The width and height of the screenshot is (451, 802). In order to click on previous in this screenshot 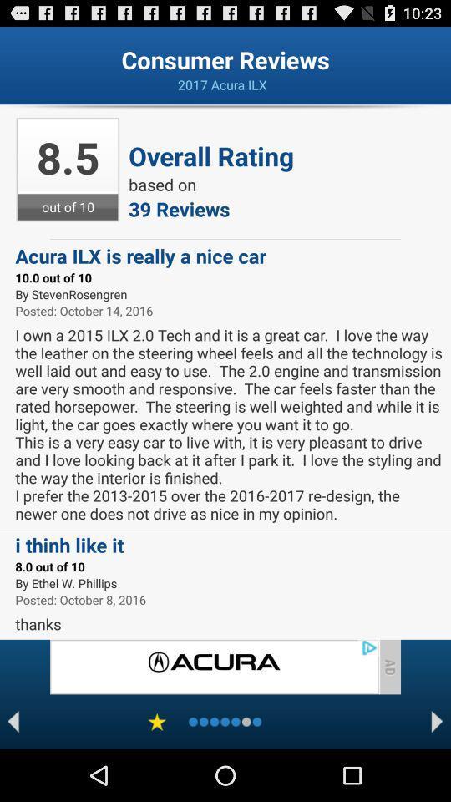, I will do `click(13, 721)`.